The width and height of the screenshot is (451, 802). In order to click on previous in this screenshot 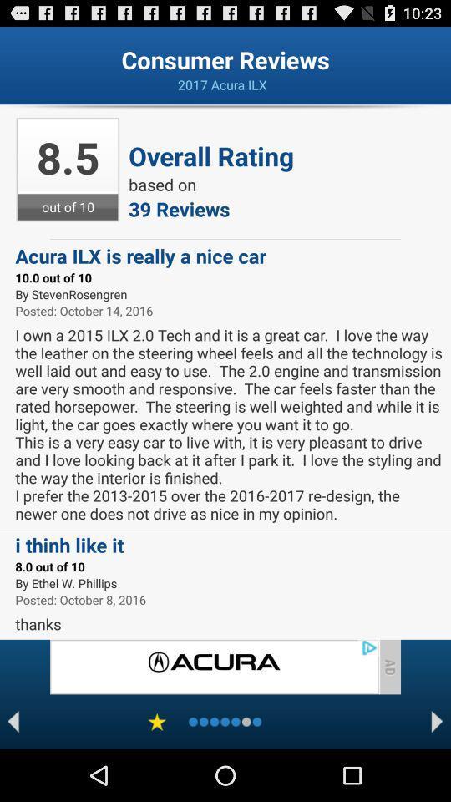, I will do `click(13, 721)`.